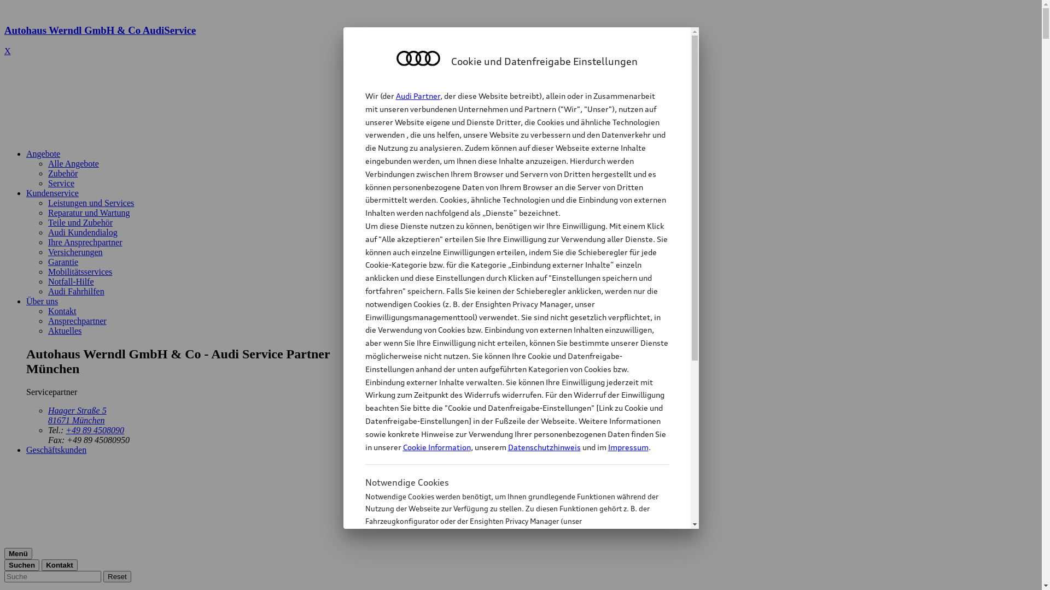  What do you see at coordinates (417, 95) in the screenshot?
I see `'Audi Partner'` at bounding box center [417, 95].